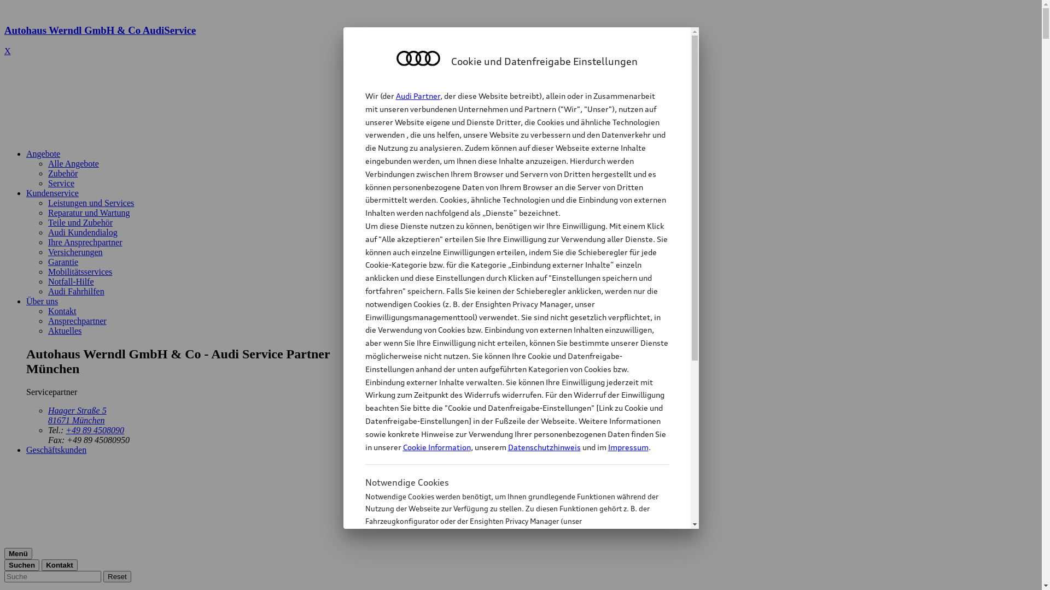  What do you see at coordinates (417, 95) in the screenshot?
I see `'Audi Partner'` at bounding box center [417, 95].